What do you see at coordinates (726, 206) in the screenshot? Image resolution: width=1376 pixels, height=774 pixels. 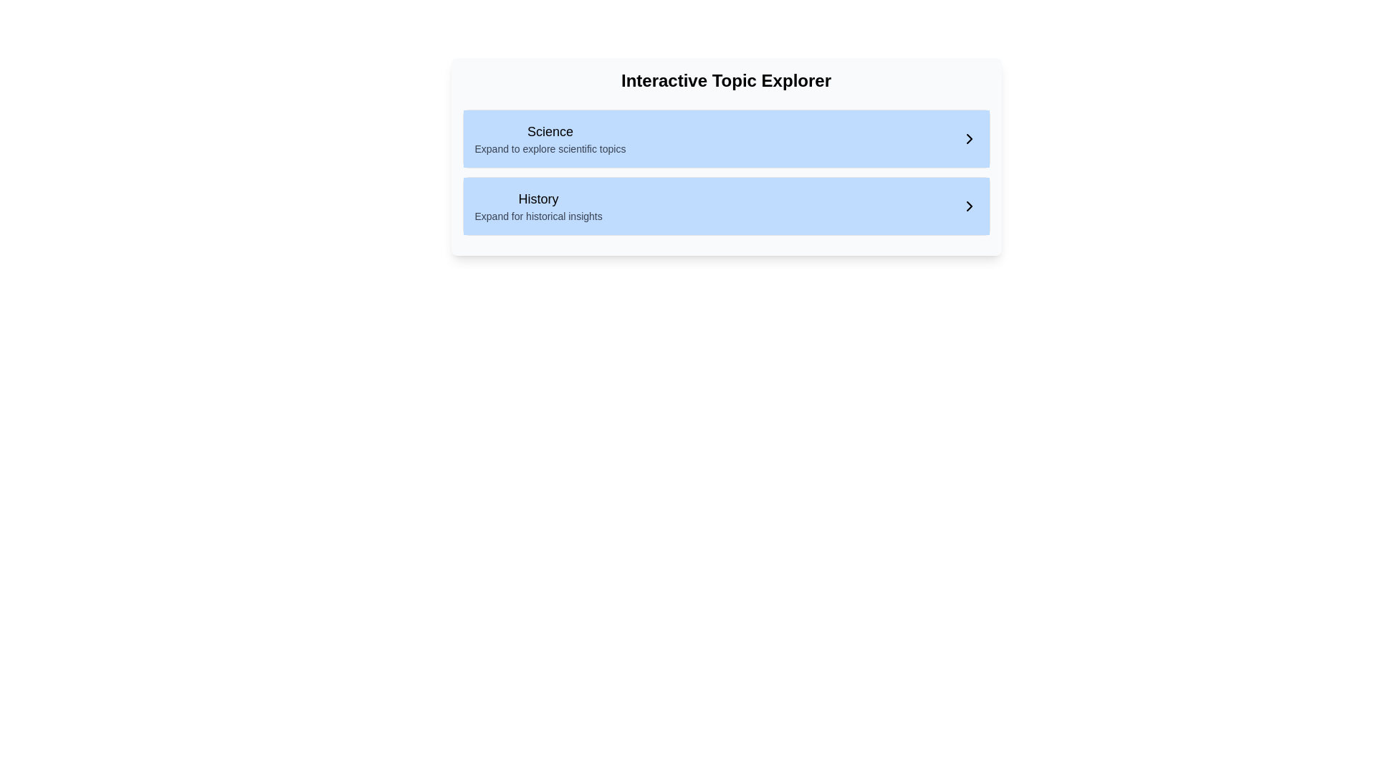 I see `the blue rectangular button labeled 'History'` at bounding box center [726, 206].